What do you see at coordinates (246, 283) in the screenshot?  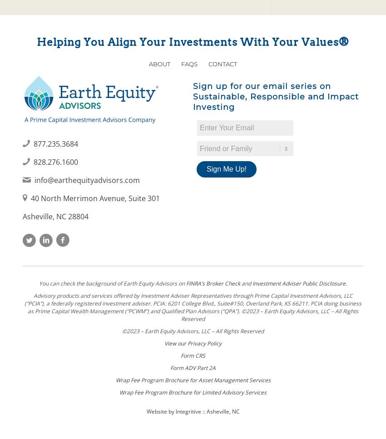 I see `'and'` at bounding box center [246, 283].